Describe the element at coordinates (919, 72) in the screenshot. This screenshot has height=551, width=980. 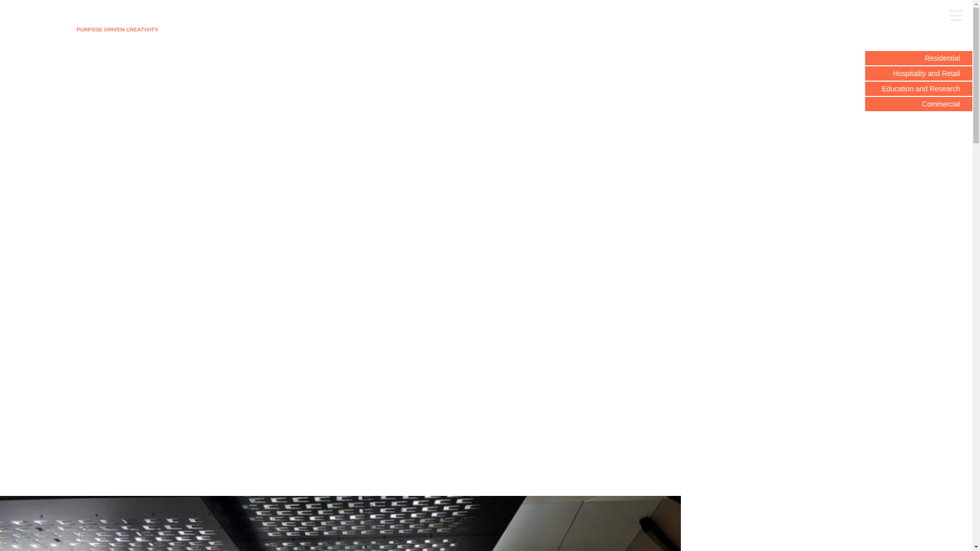
I see `'Hospitality and Retail'` at that location.